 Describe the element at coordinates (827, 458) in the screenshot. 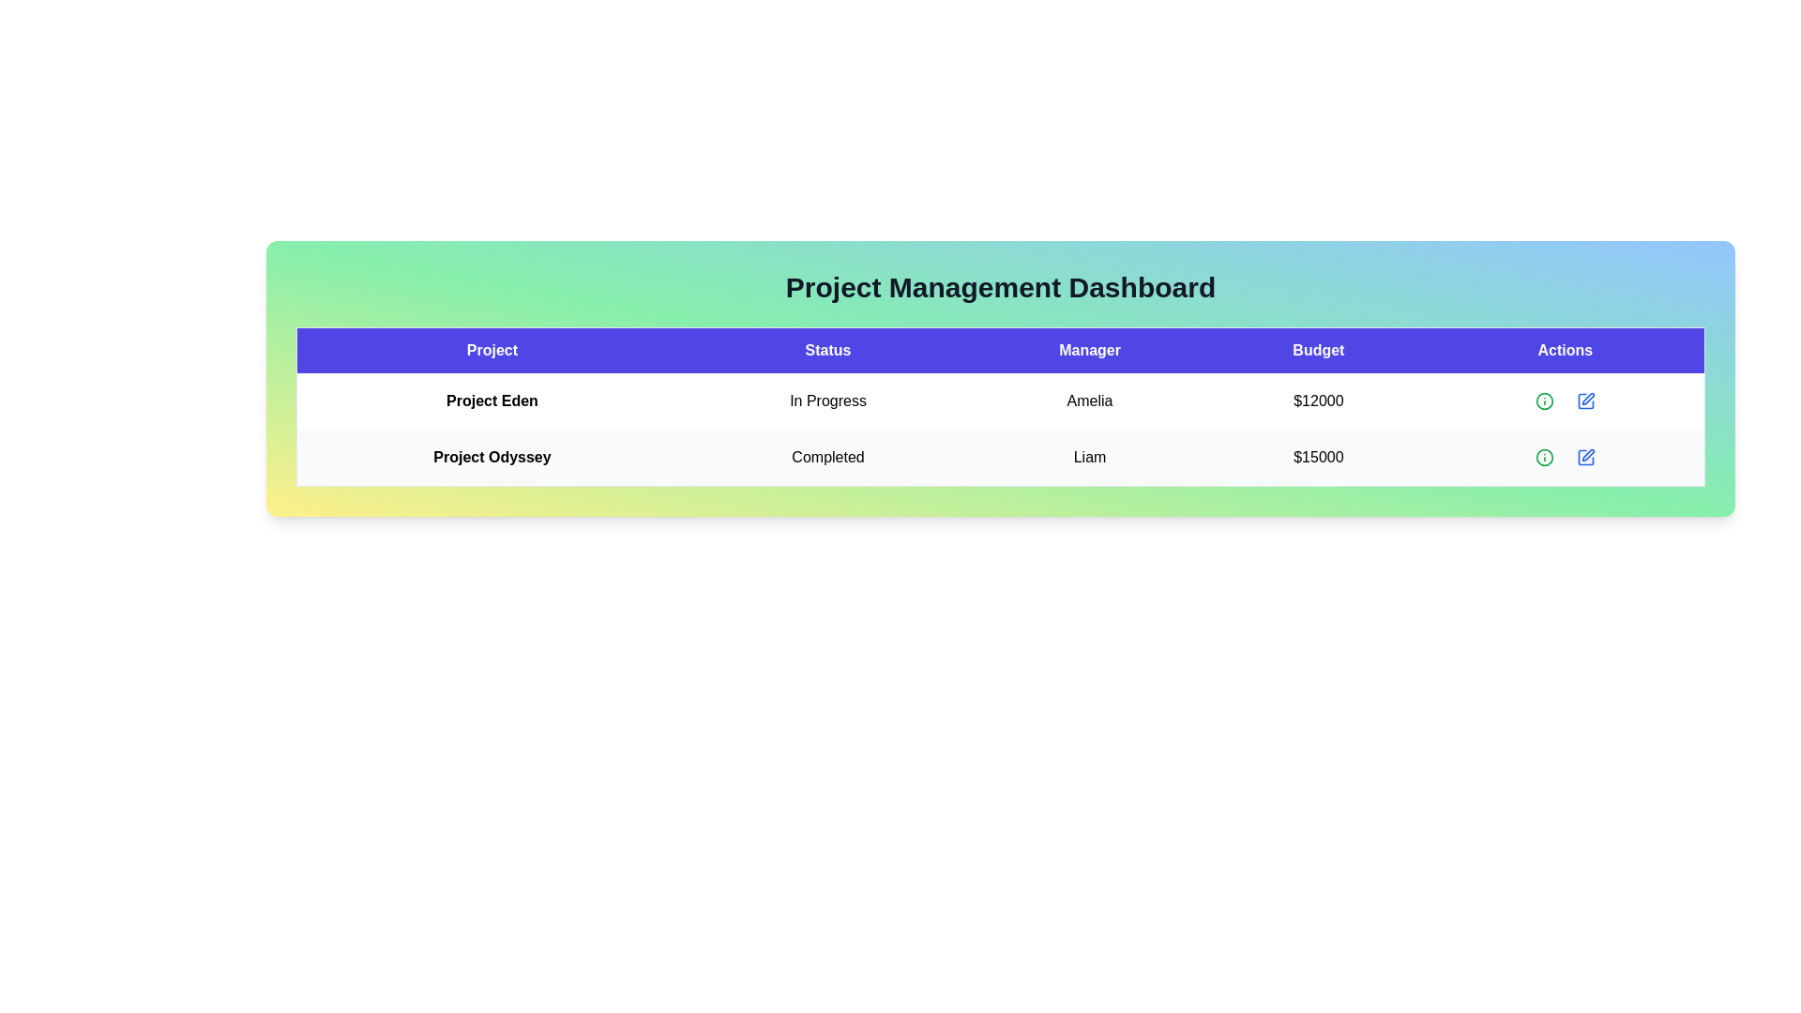

I see `the 'Completed' label in the second row under the 'Status' column of the dashboard interface, which is visually distinct with padding and located between 'Project Odyssey' and 'Liam'` at that location.